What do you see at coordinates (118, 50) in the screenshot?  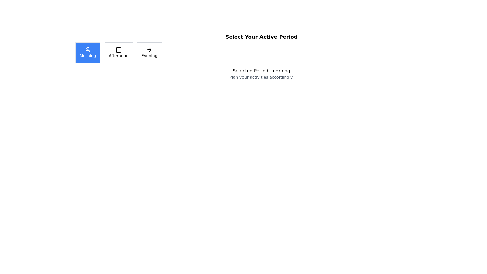 I see `the decorative icon of the 'Afternoon' button, which visually indicates its association with day timings` at bounding box center [118, 50].